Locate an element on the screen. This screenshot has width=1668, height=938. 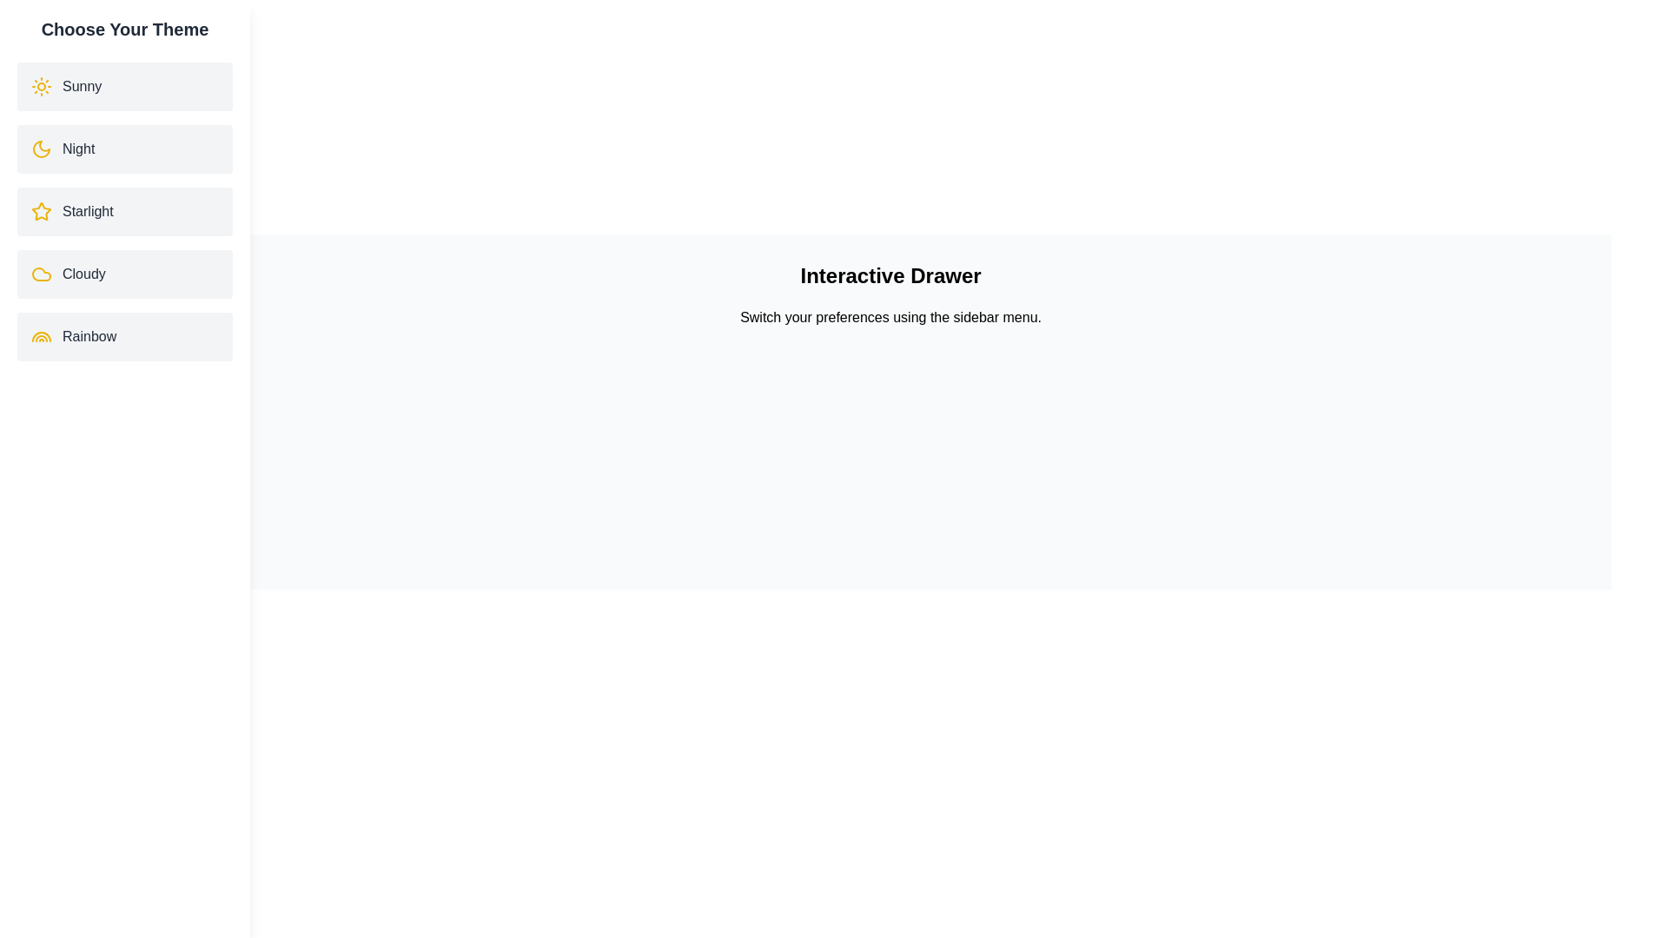
the theme Cloudy by clicking on its corresponding list item is located at coordinates (124, 274).